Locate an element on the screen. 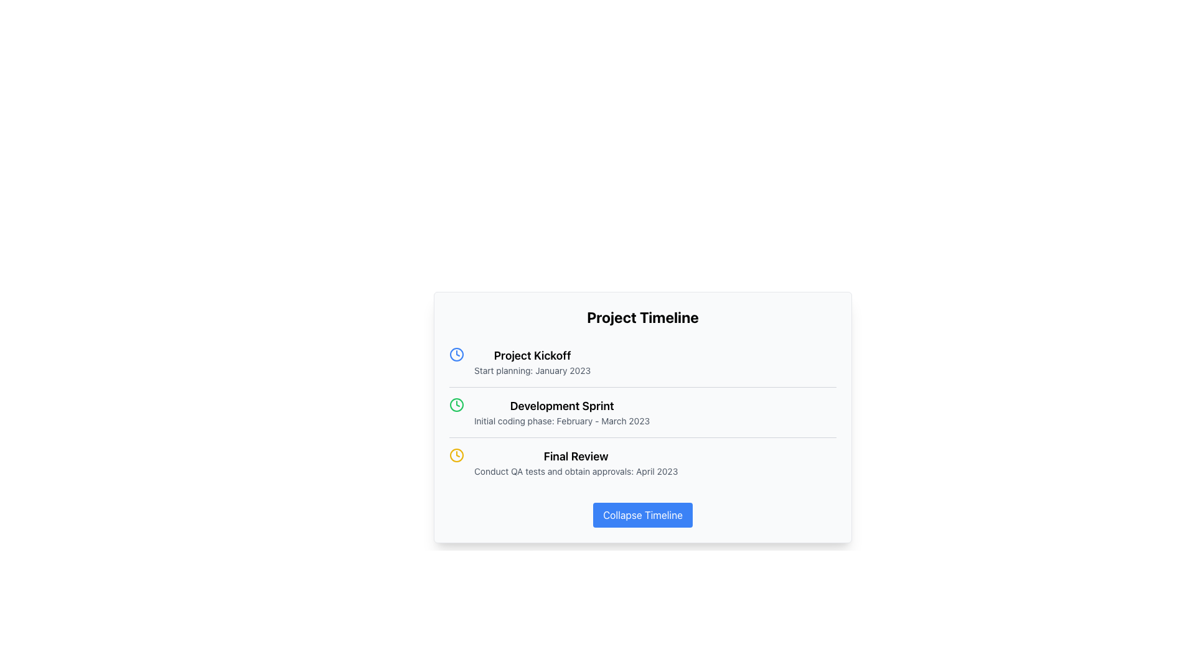 The height and width of the screenshot is (672, 1195). the 'Development Sprint' section item which contains a bold title and description text, indicating it is a timeline item in a vertically stacked list is located at coordinates (642, 412).